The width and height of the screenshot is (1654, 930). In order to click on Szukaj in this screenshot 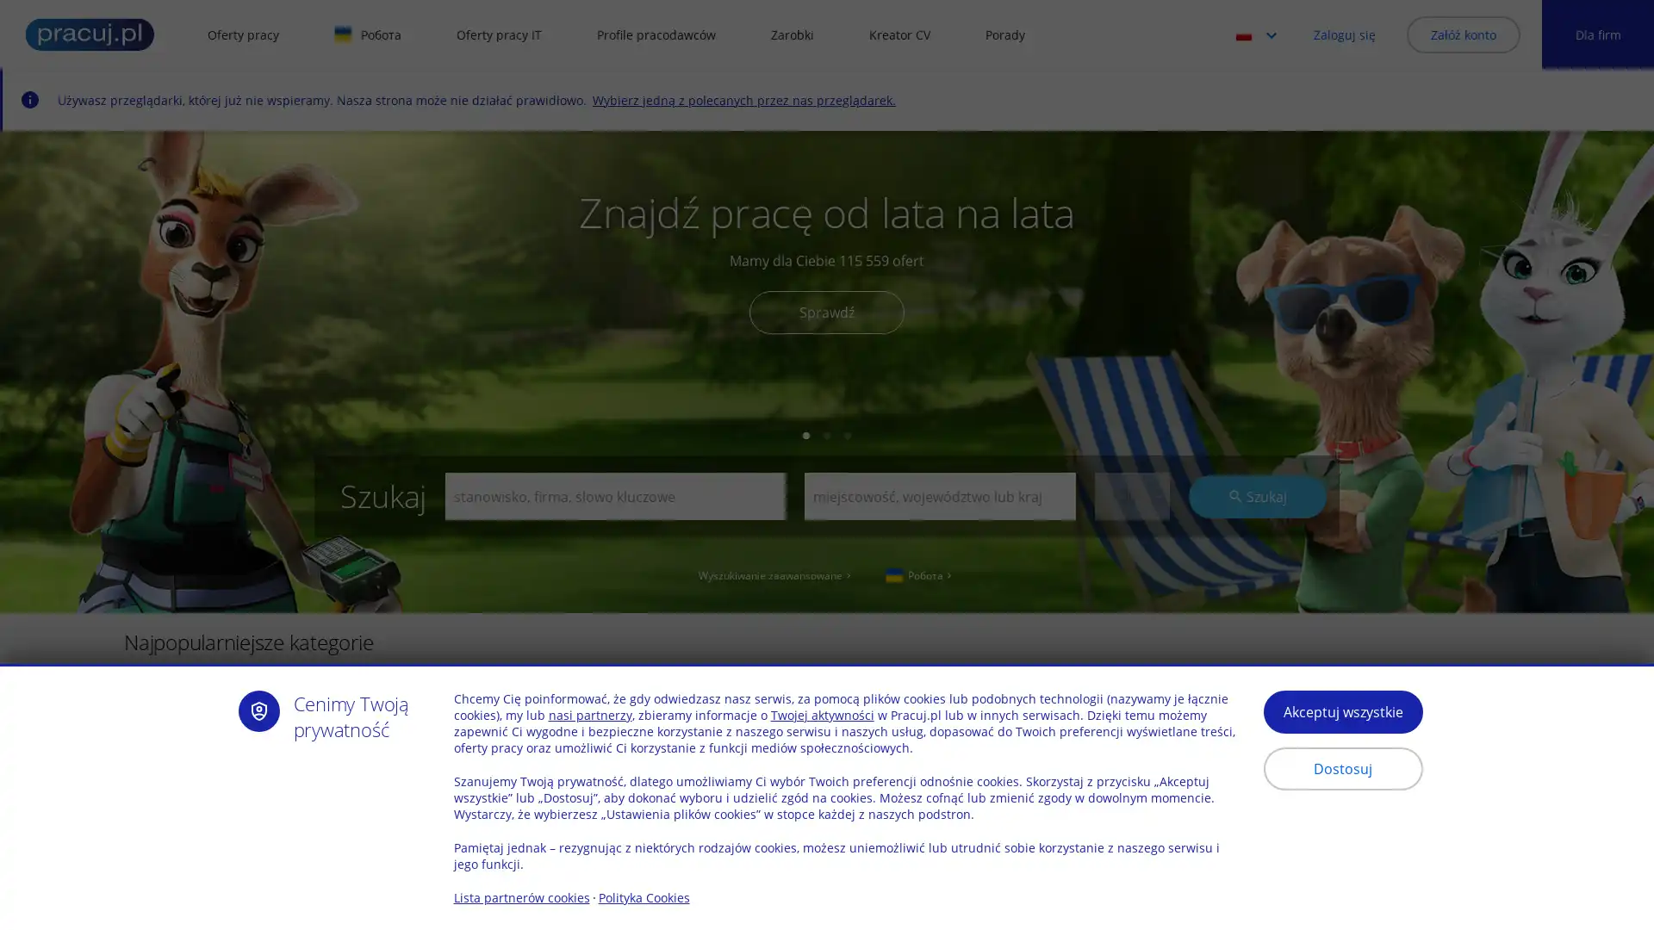, I will do `click(1257, 495)`.